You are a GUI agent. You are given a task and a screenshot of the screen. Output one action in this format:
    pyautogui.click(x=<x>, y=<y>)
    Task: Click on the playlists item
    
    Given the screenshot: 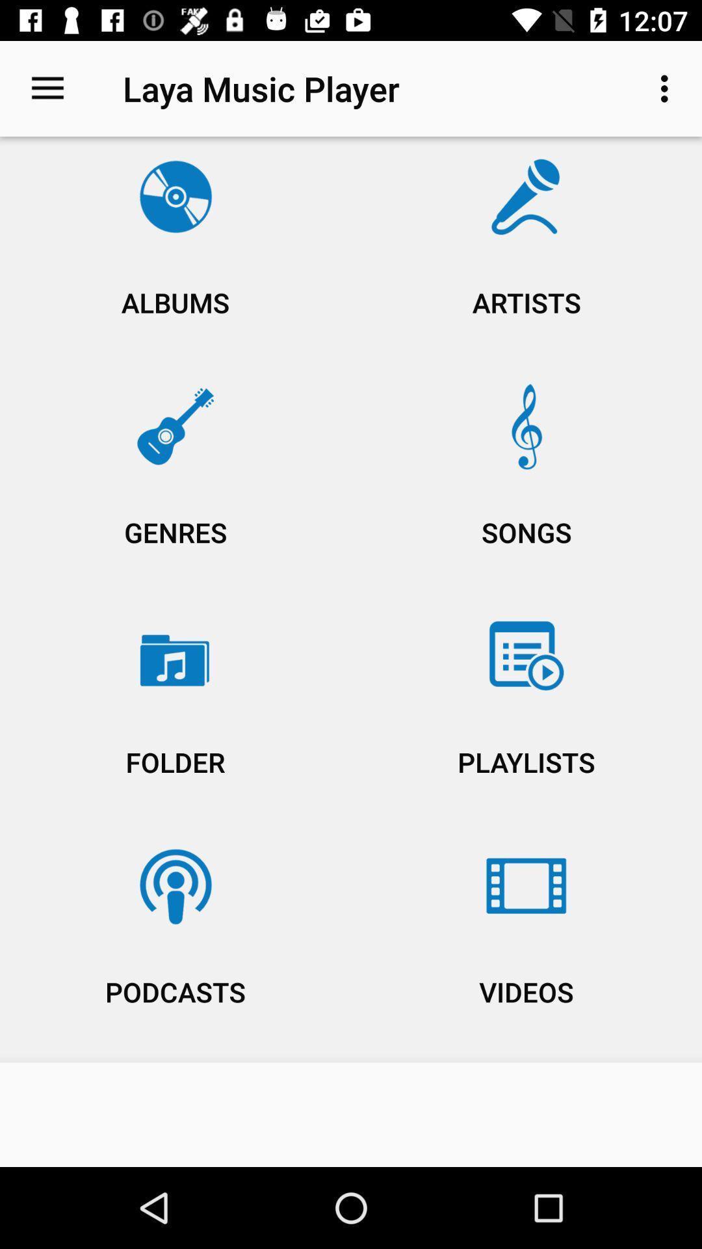 What is the action you would take?
    pyautogui.click(x=526, y=714)
    